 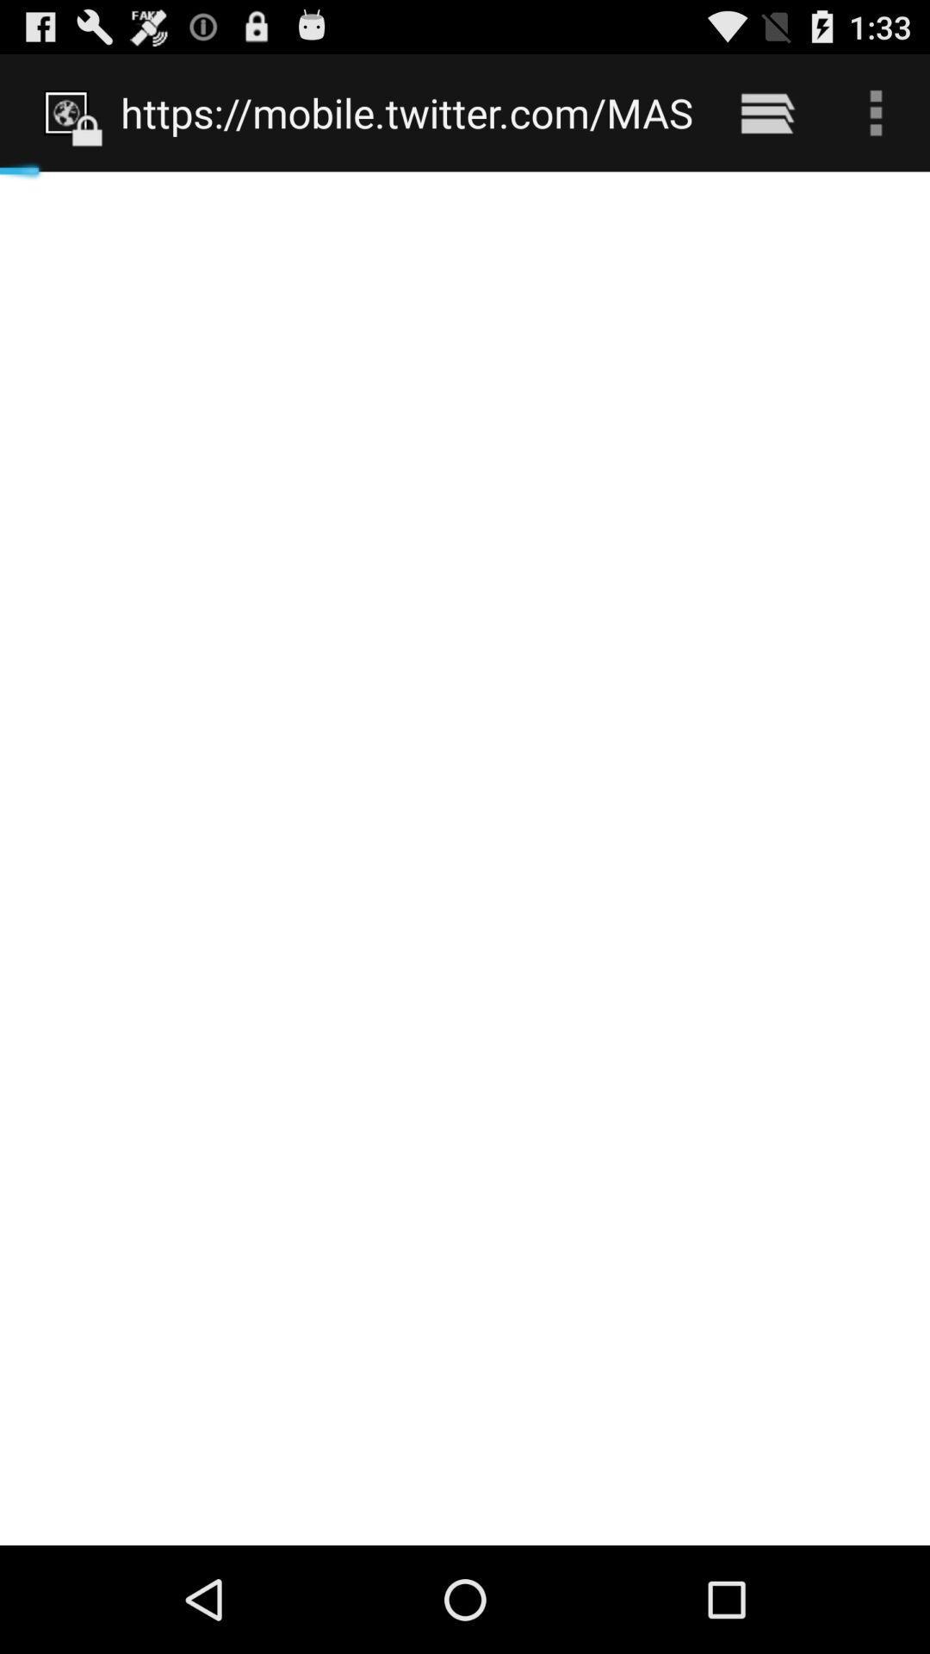 I want to click on the icon below https mobile twitter item, so click(x=465, y=858).